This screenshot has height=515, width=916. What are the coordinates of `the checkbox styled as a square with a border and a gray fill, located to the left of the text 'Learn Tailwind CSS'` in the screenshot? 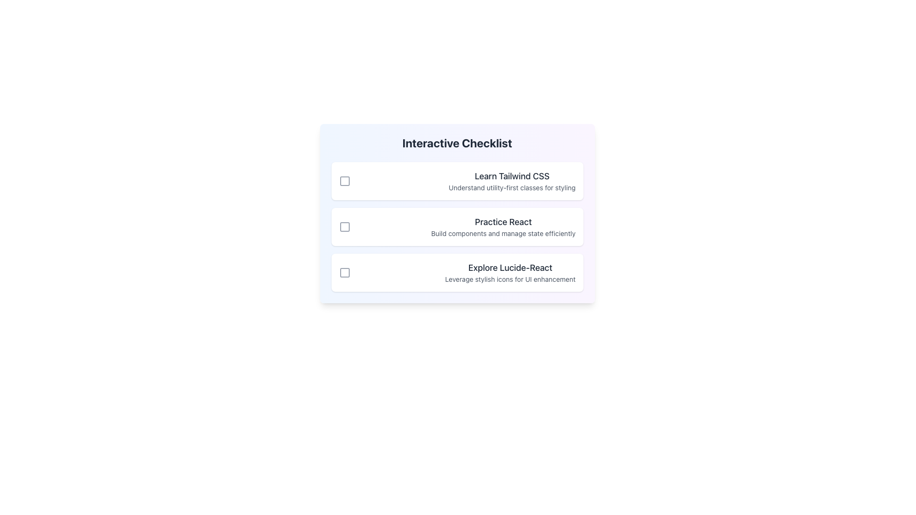 It's located at (344, 181).